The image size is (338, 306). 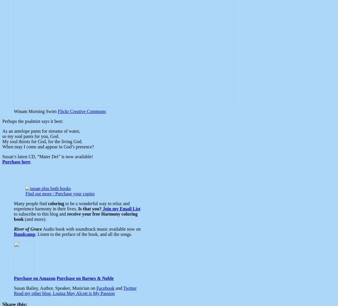 What do you see at coordinates (60, 193) in the screenshot?
I see `'Find out more / Purchase your copies'` at bounding box center [60, 193].